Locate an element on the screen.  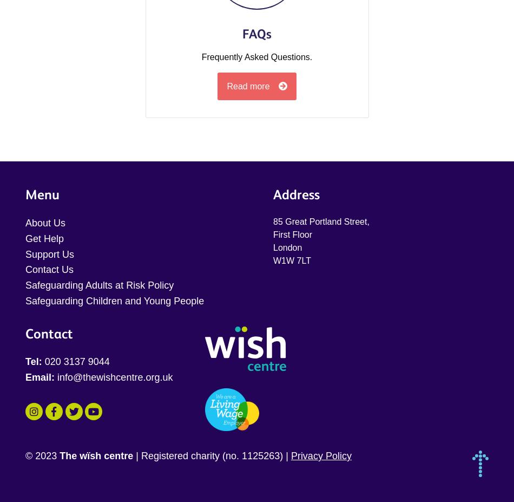
'85 Great Portland Street,' is located at coordinates (321, 220).